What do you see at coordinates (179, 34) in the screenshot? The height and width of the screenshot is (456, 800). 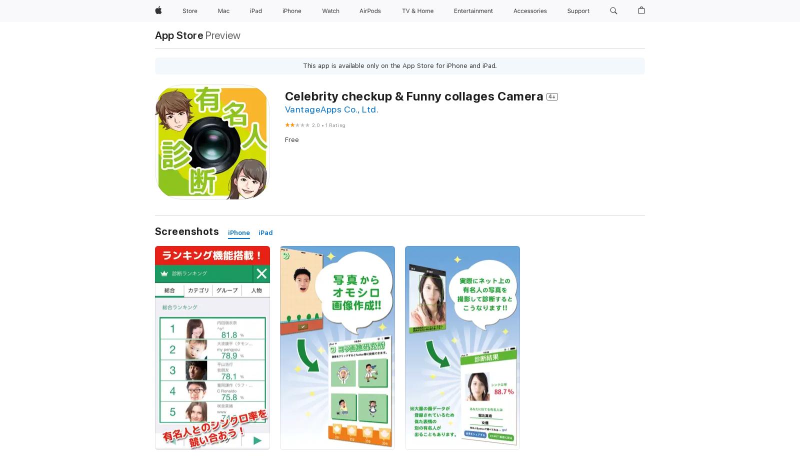 I see `'App Store'` at bounding box center [179, 34].